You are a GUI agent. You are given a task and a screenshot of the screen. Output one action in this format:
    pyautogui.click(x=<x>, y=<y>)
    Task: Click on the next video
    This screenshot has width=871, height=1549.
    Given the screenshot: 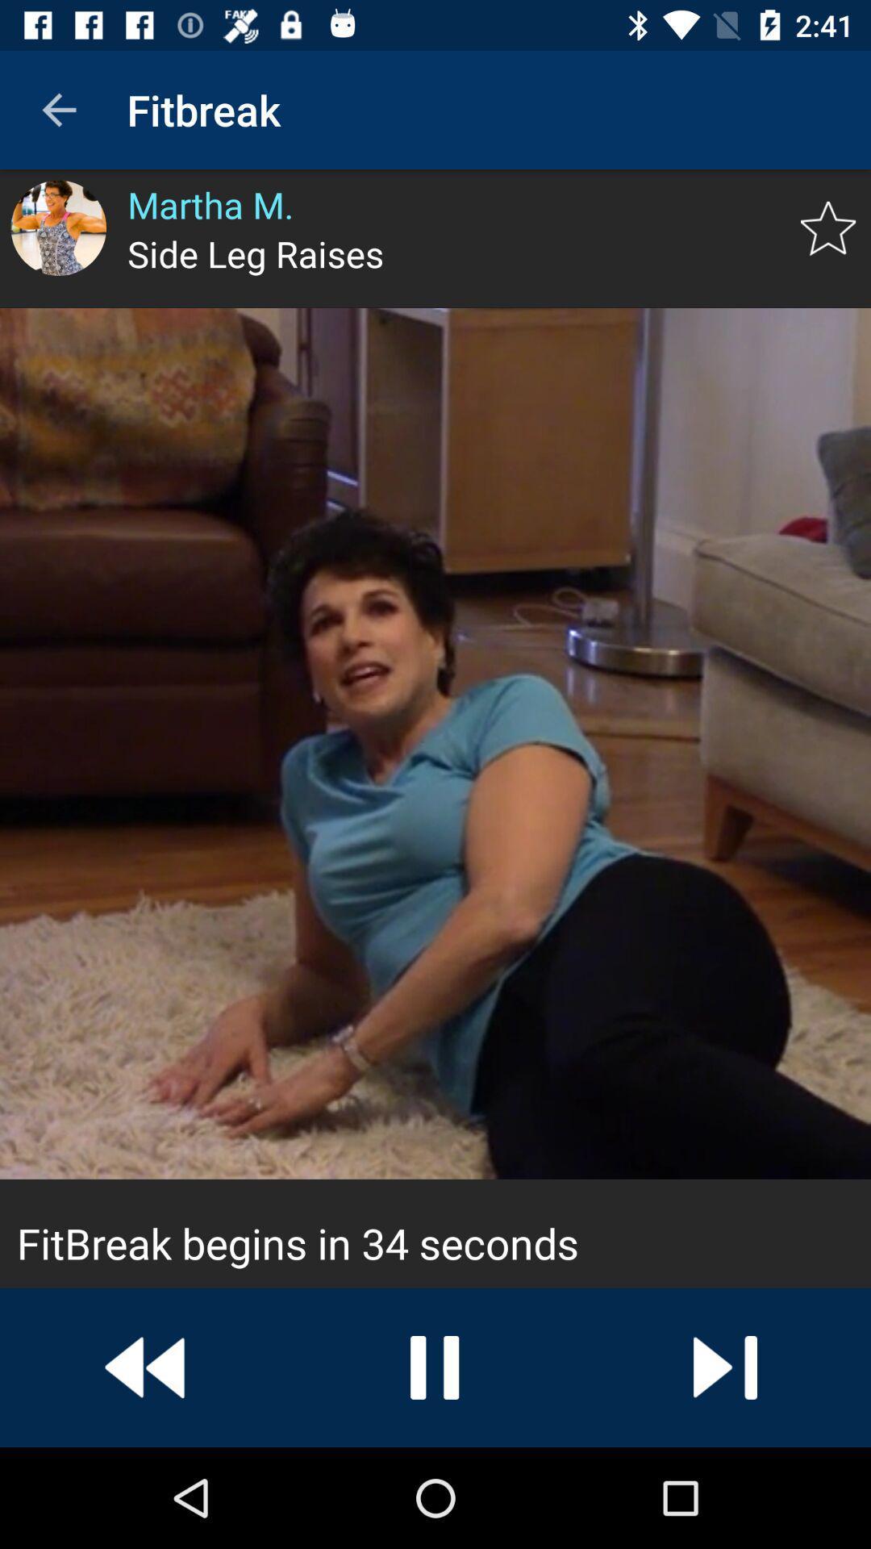 What is the action you would take?
    pyautogui.click(x=724, y=1367)
    